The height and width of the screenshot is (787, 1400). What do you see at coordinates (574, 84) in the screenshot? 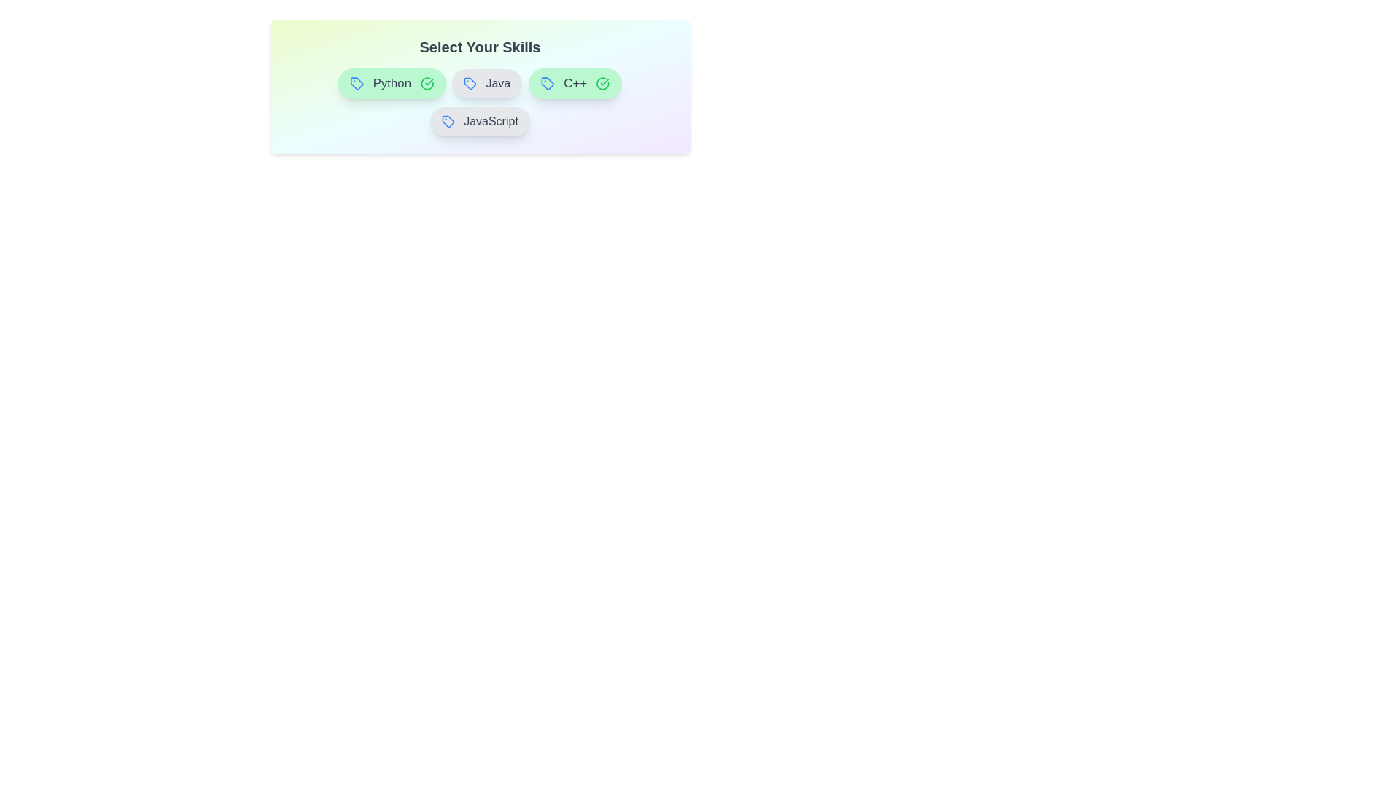
I see `the skill badge labeled C++` at bounding box center [574, 84].